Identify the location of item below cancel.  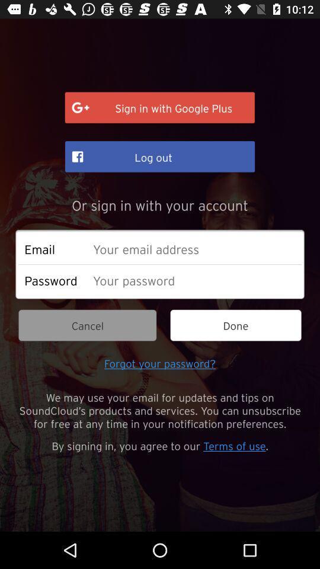
(160, 362).